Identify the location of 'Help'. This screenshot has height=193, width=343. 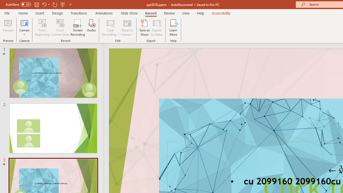
(200, 13).